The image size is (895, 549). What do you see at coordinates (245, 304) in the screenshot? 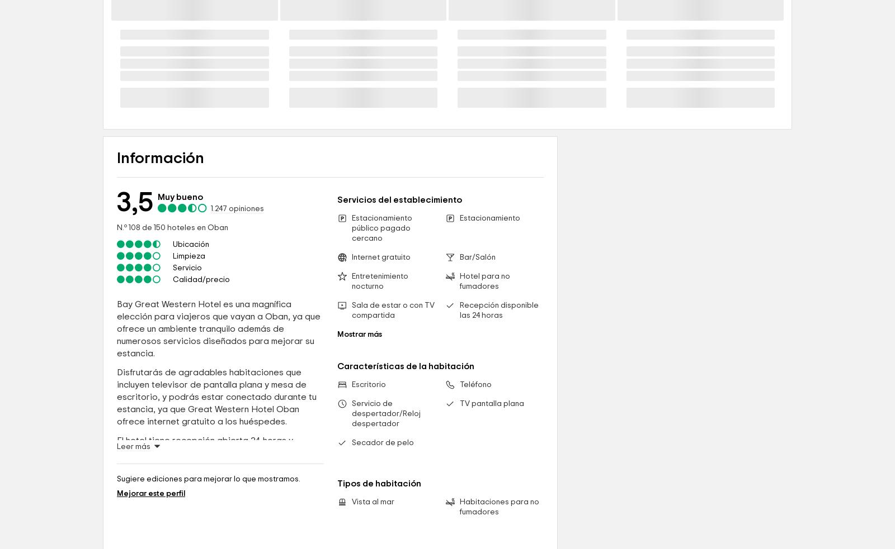
I see `'opiniones'` at bounding box center [245, 304].